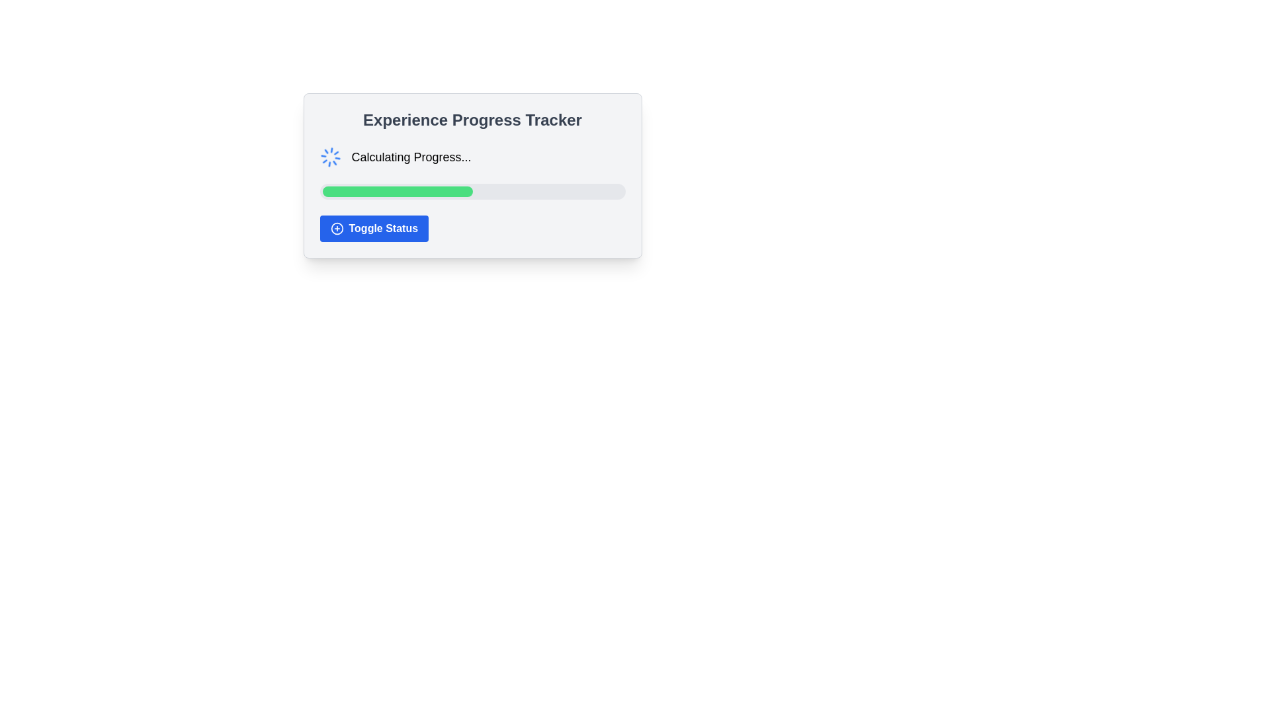  Describe the element at coordinates (411, 157) in the screenshot. I see `the status information text label located centrally in the progress tracker interface, positioned to the right of a spinning loader icon` at that location.